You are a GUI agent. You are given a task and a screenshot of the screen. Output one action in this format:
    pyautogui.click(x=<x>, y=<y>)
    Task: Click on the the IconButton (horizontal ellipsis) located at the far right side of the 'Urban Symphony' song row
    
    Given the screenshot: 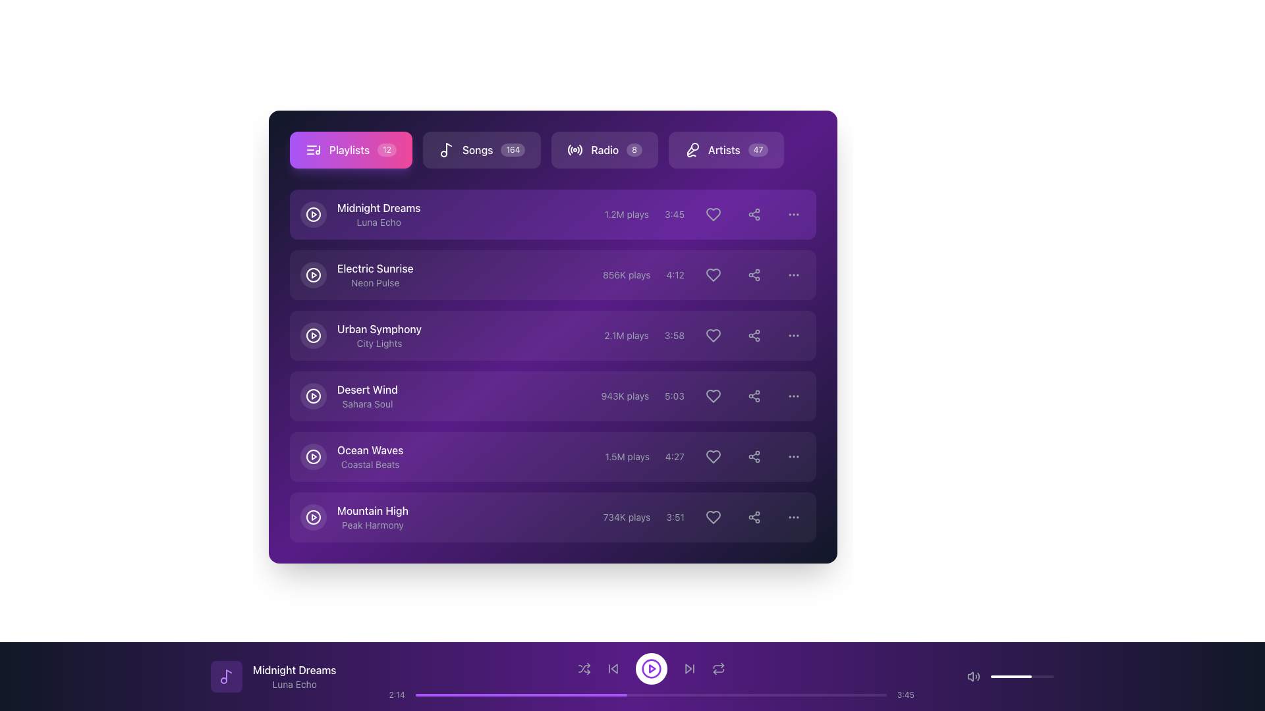 What is the action you would take?
    pyautogui.click(x=793, y=334)
    